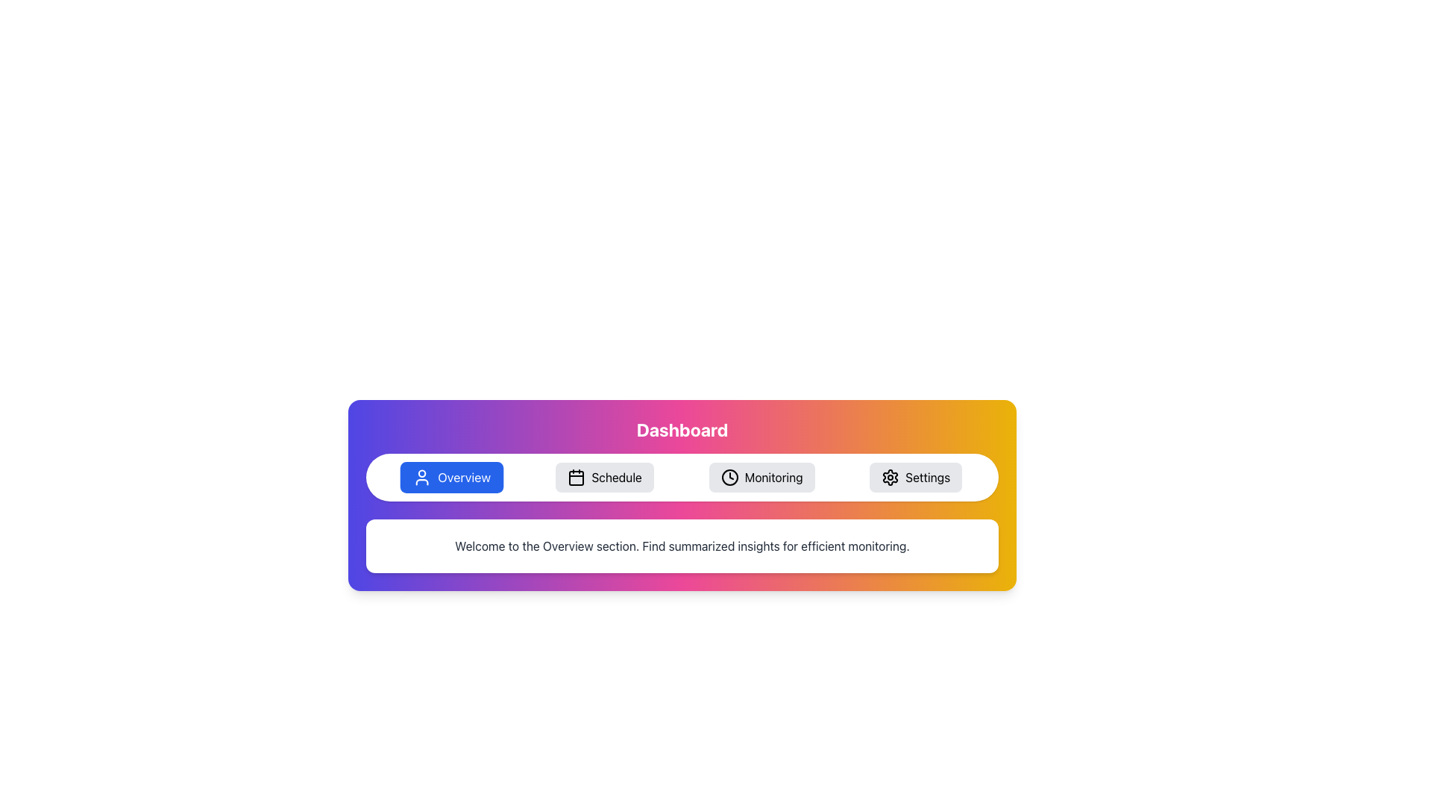 This screenshot has width=1432, height=806. I want to click on the 'Settings' text label located at the bottom right of the colorful header area, so click(926, 478).